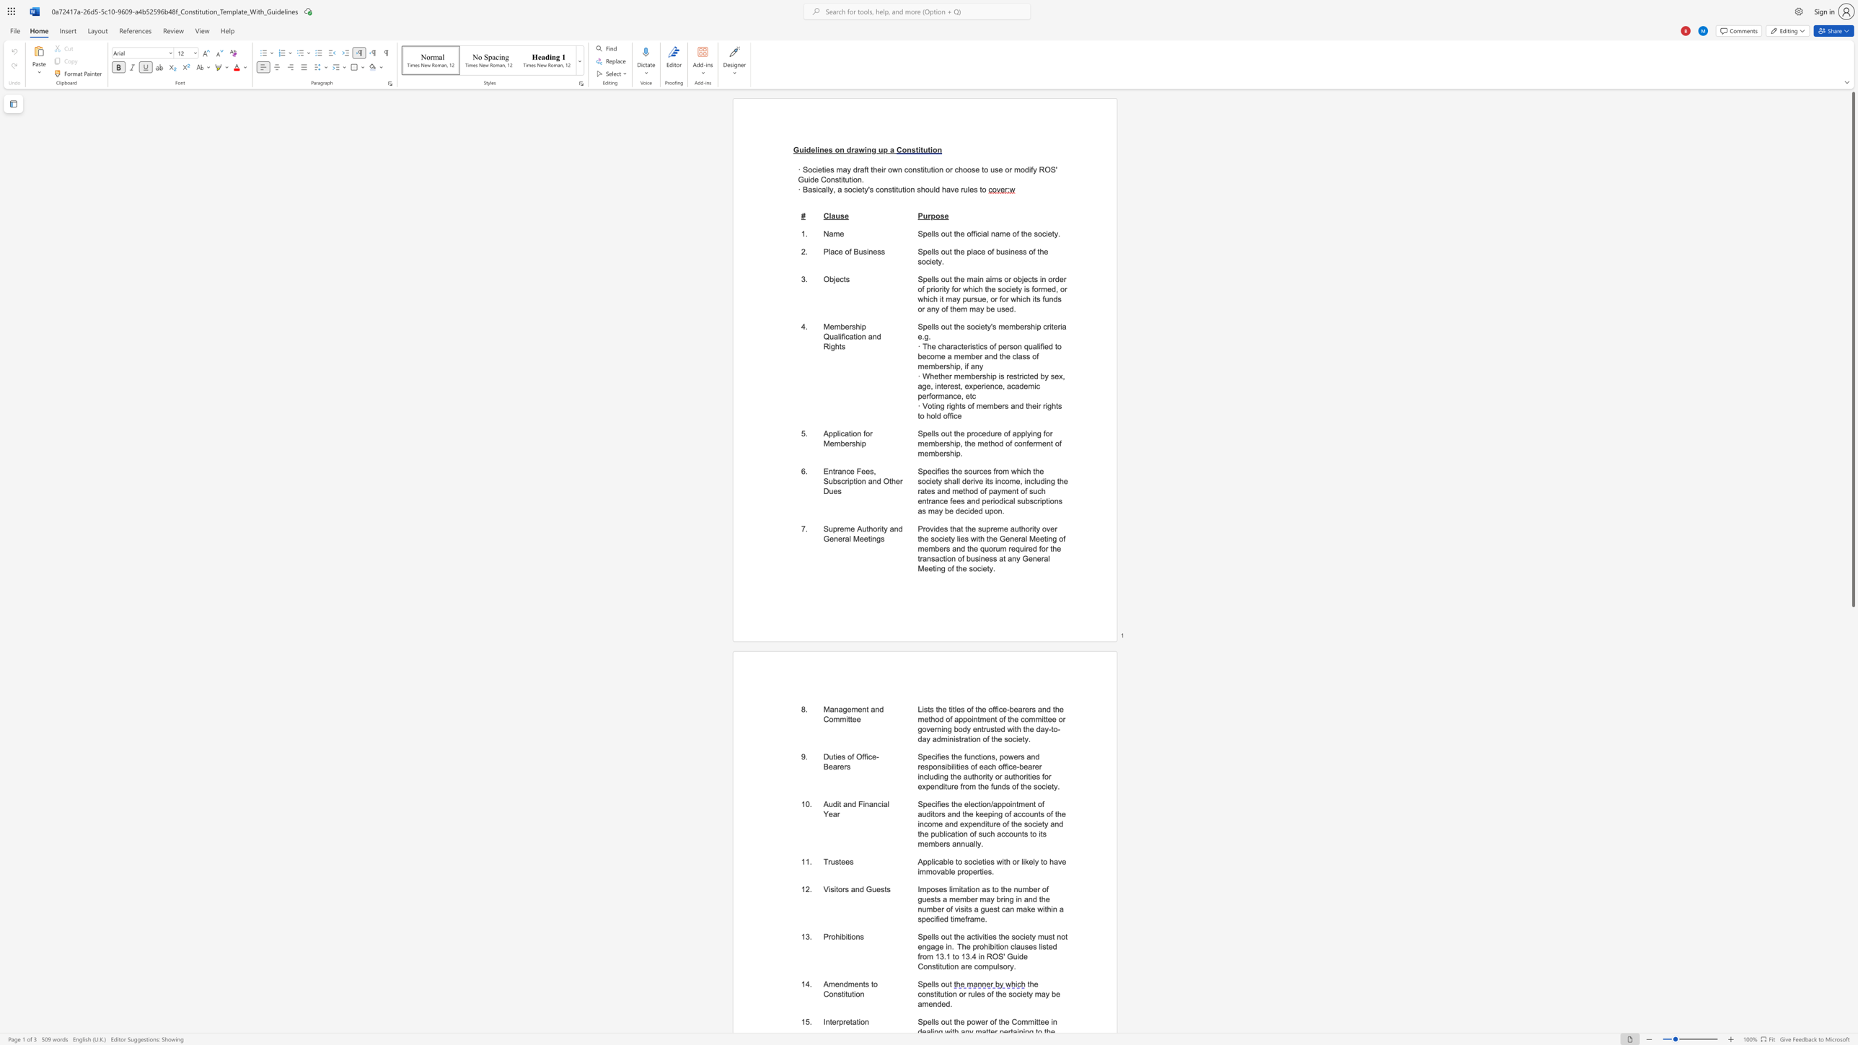  What do you see at coordinates (827, 169) in the screenshot?
I see `the 2th character "e" in the text` at bounding box center [827, 169].